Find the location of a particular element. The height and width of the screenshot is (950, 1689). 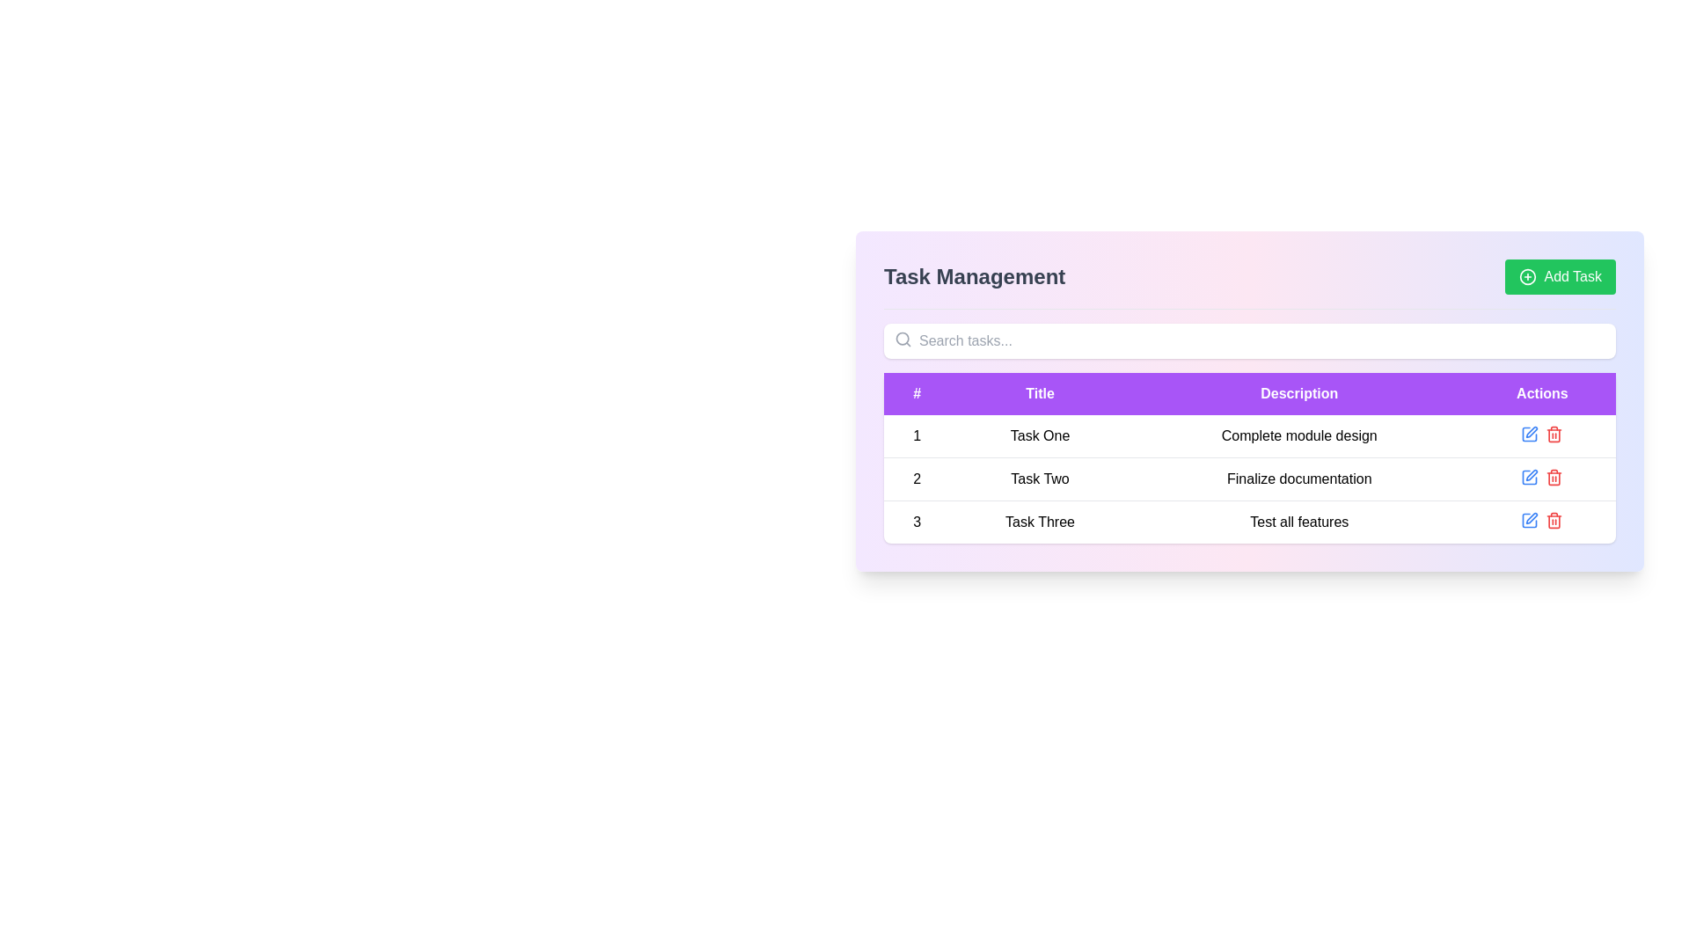

the static text element displaying 'Task Three' located in the third row of the table under the 'Title' column, adjacent to '3' and 'Test all features' is located at coordinates (1040, 521).